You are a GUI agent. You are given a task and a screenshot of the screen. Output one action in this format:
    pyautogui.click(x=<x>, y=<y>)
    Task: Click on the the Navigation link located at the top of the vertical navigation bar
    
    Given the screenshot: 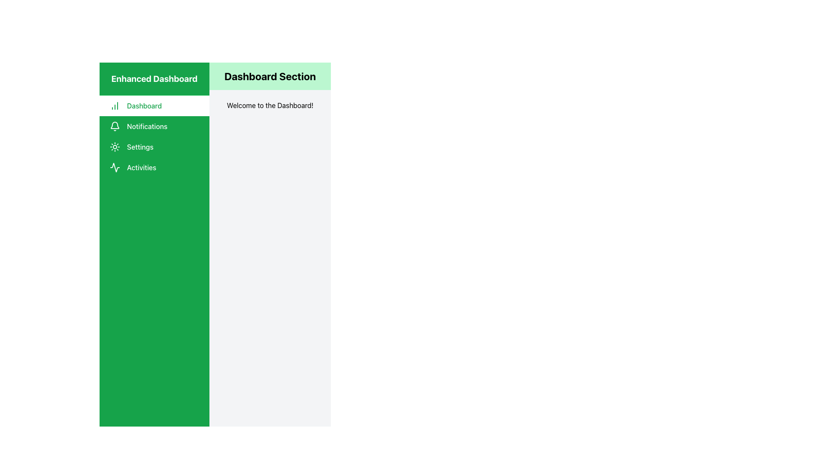 What is the action you would take?
    pyautogui.click(x=154, y=105)
    